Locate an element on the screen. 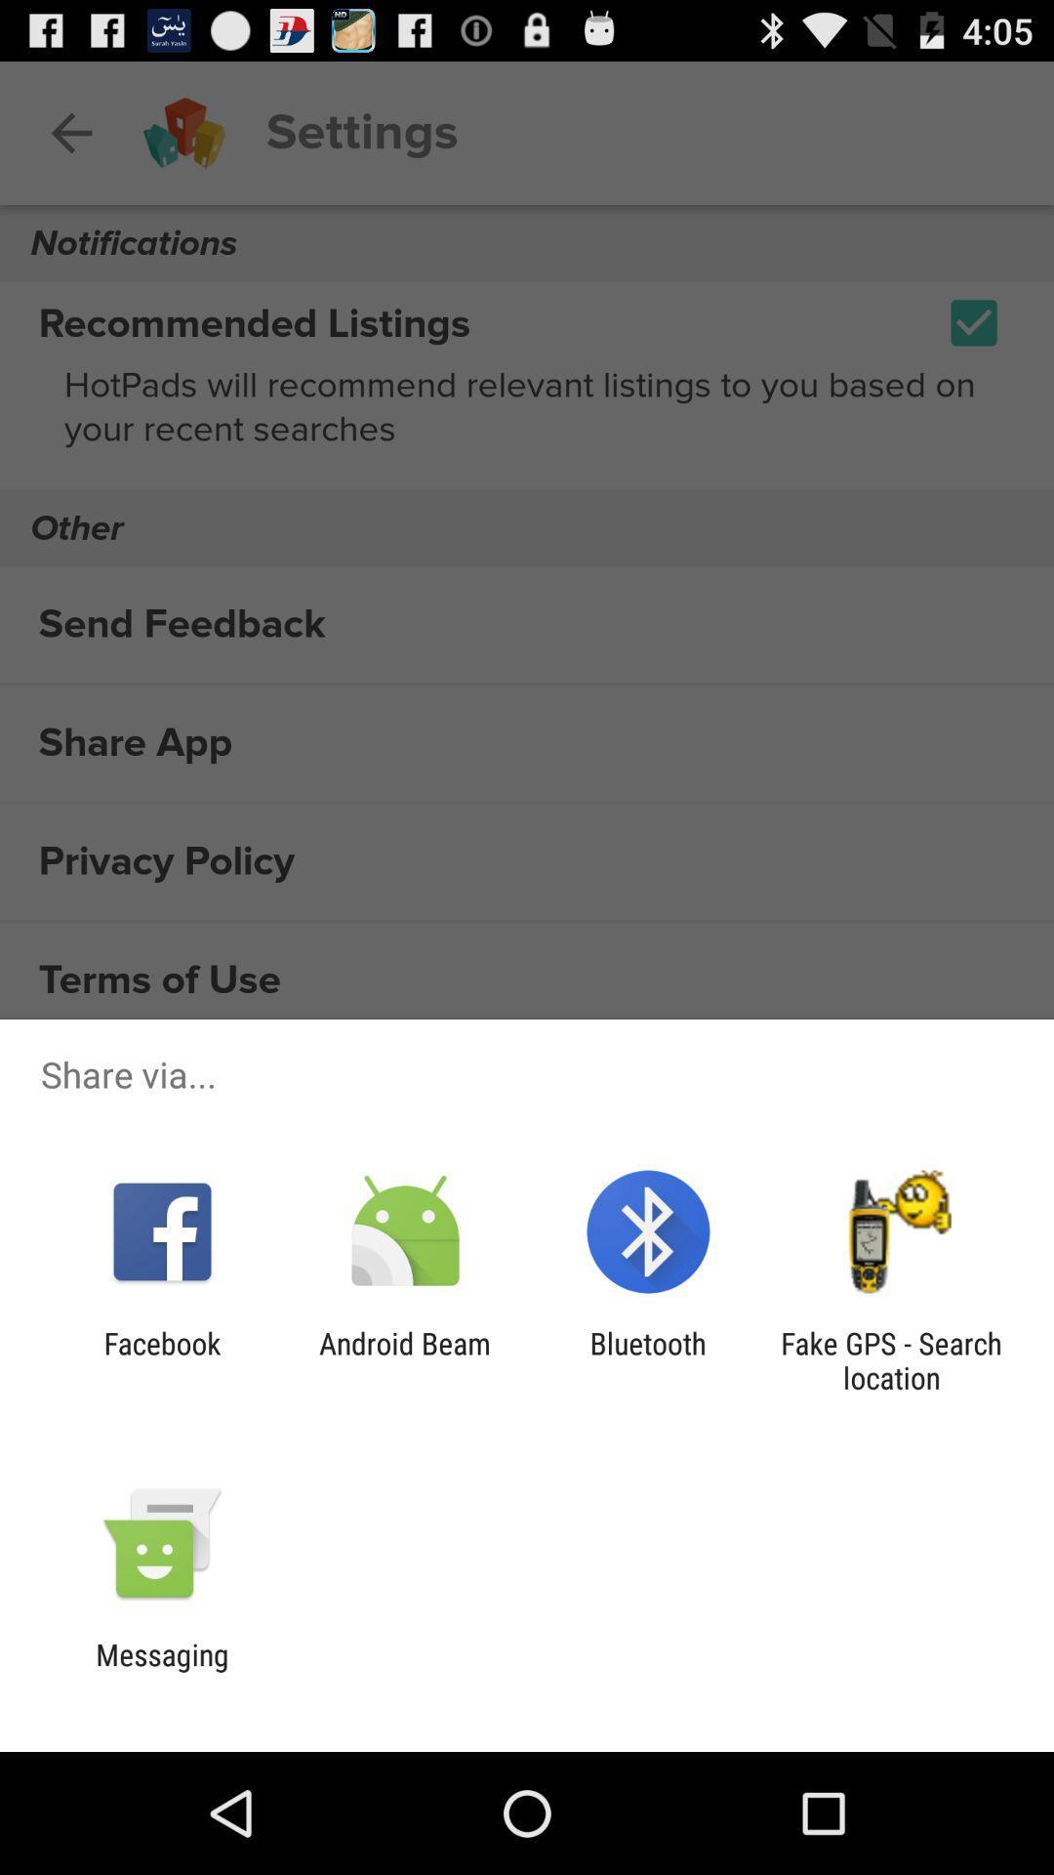 This screenshot has height=1875, width=1054. app to the right of facebook icon is located at coordinates (404, 1359).